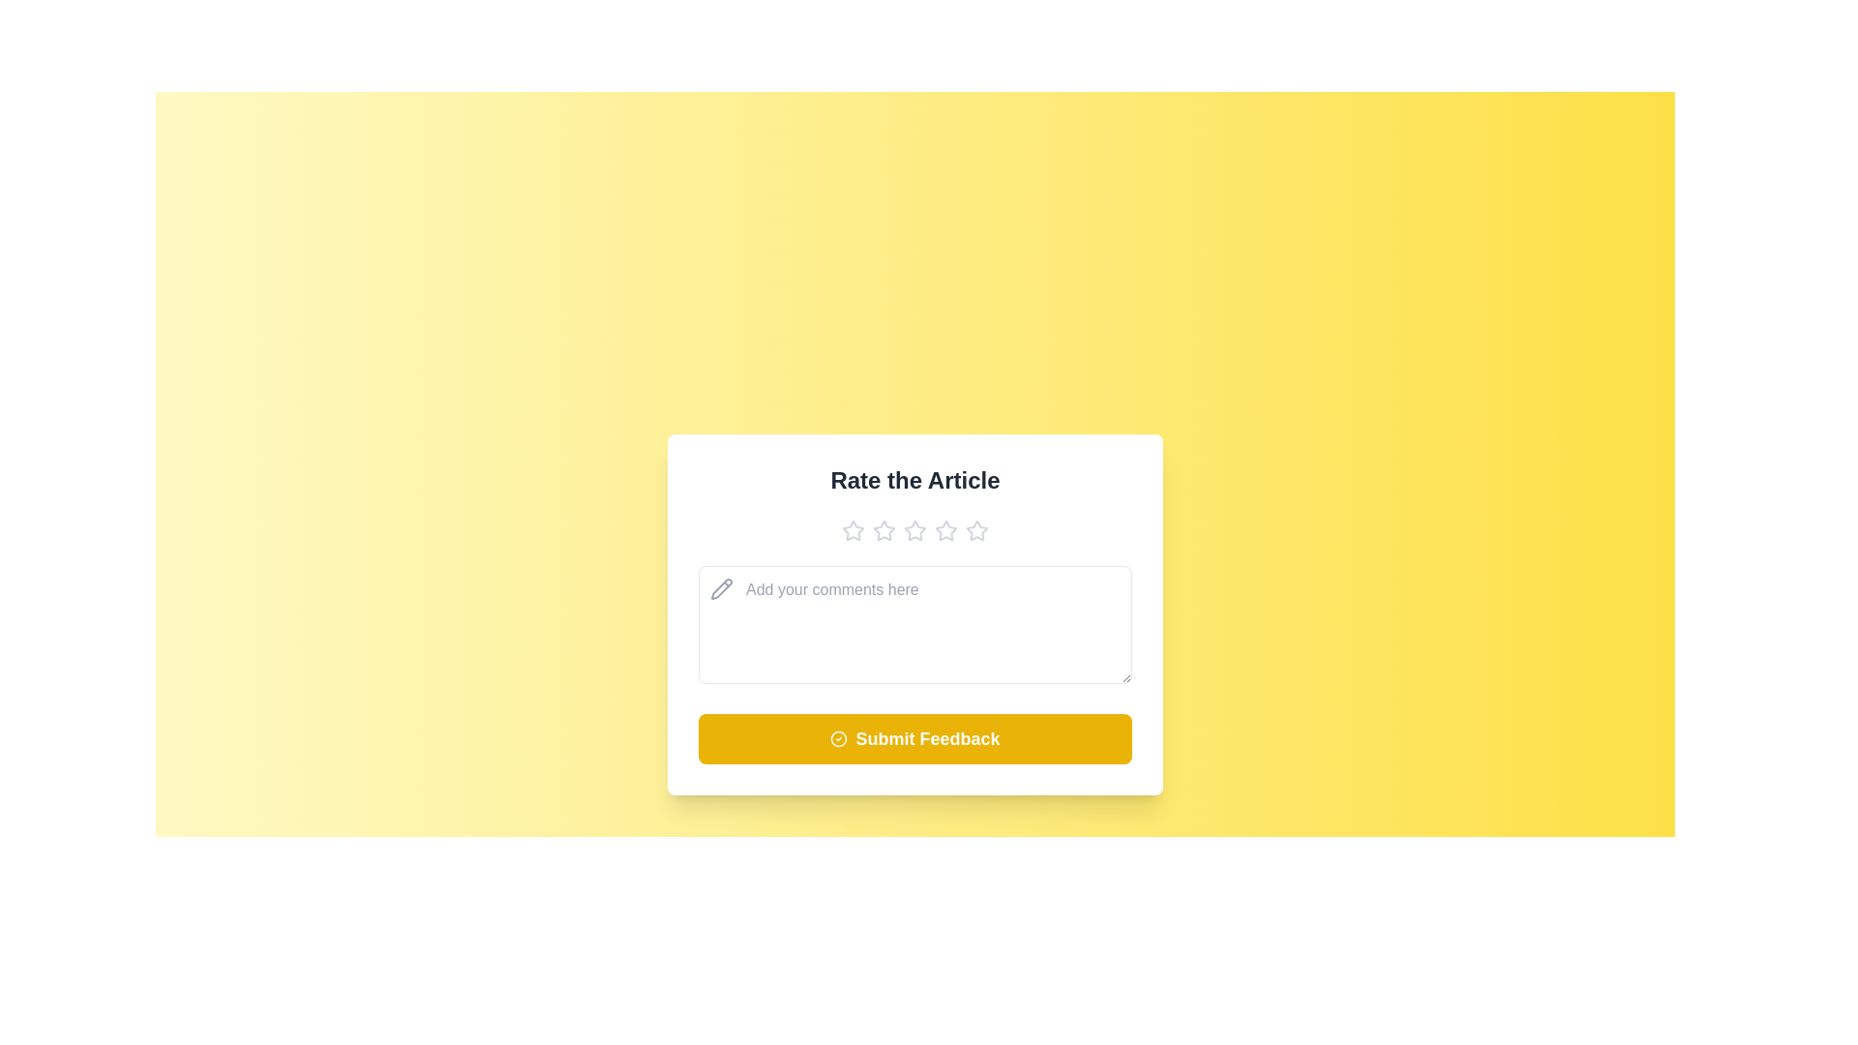 The image size is (1858, 1045). I want to click on the text label for the feedback submission button, which is centrally aligned within a prominent yellow button at the bottom of the feedback form, so click(927, 738).